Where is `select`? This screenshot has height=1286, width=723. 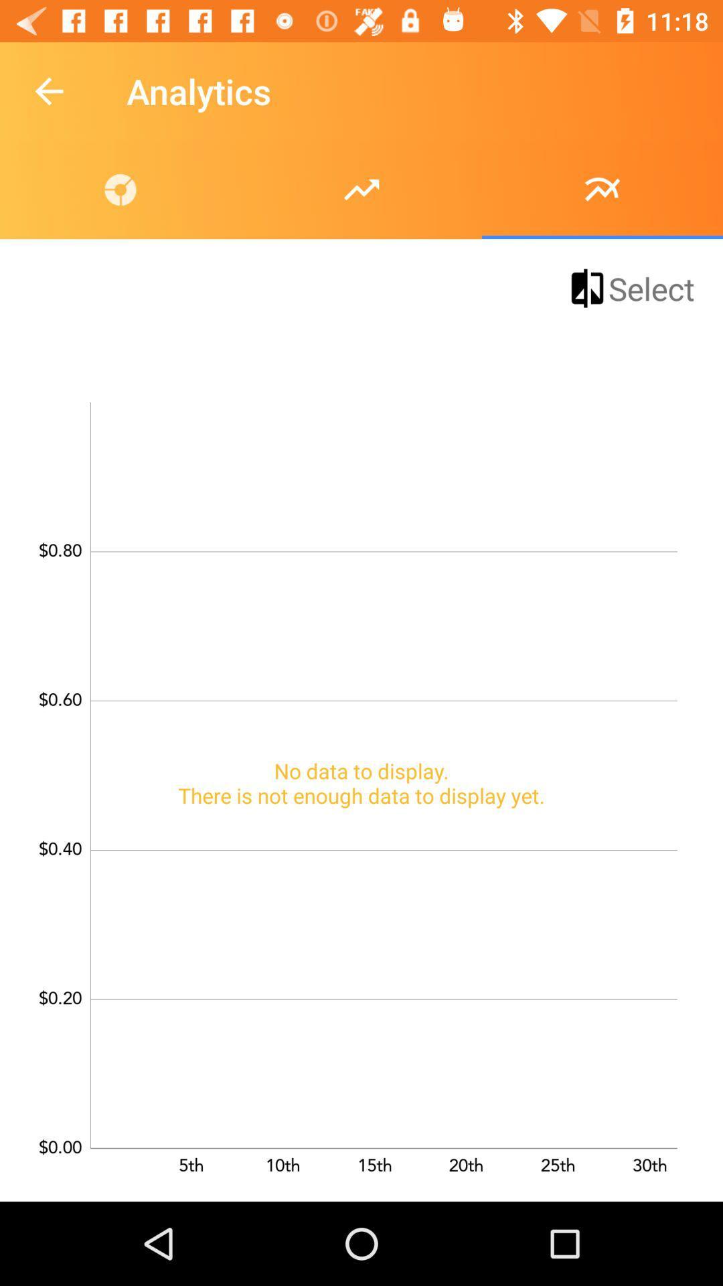 select is located at coordinates (630, 287).